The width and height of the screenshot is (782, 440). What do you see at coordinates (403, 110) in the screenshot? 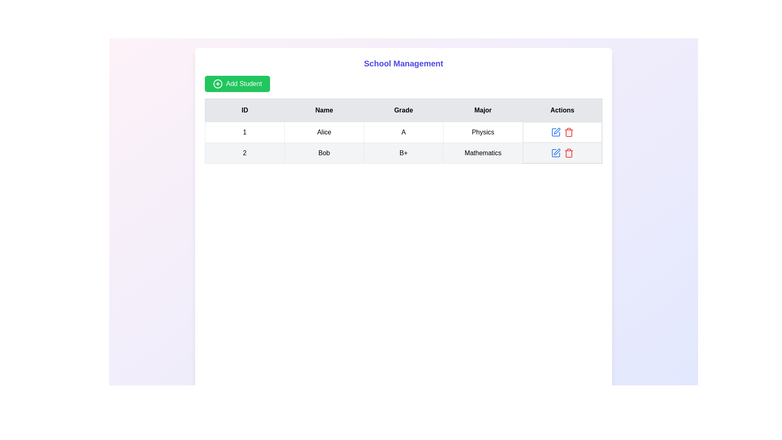
I see `the 'Grade' column header in the table, which is a static text element displayed in bold black font with a light gray background` at bounding box center [403, 110].